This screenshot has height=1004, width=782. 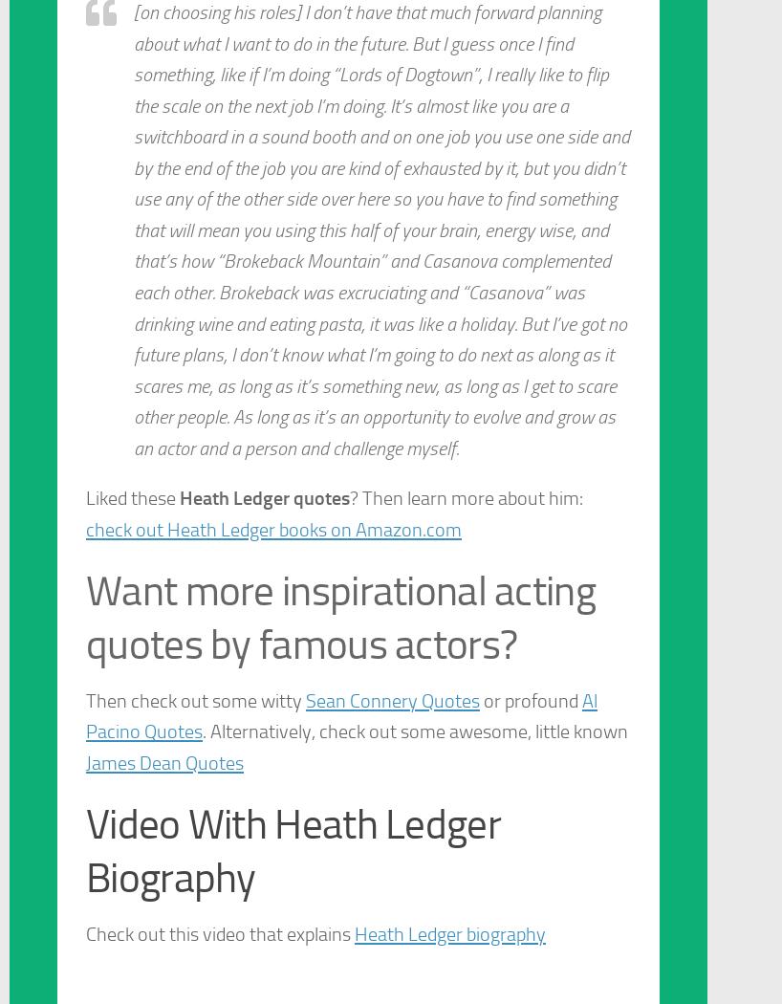 What do you see at coordinates (85, 497) in the screenshot?
I see `'Liked these'` at bounding box center [85, 497].